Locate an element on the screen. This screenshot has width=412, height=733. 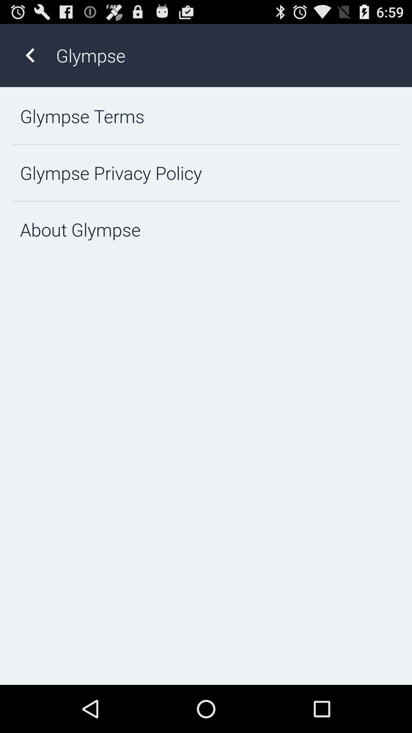
the about glympse is located at coordinates (206, 229).